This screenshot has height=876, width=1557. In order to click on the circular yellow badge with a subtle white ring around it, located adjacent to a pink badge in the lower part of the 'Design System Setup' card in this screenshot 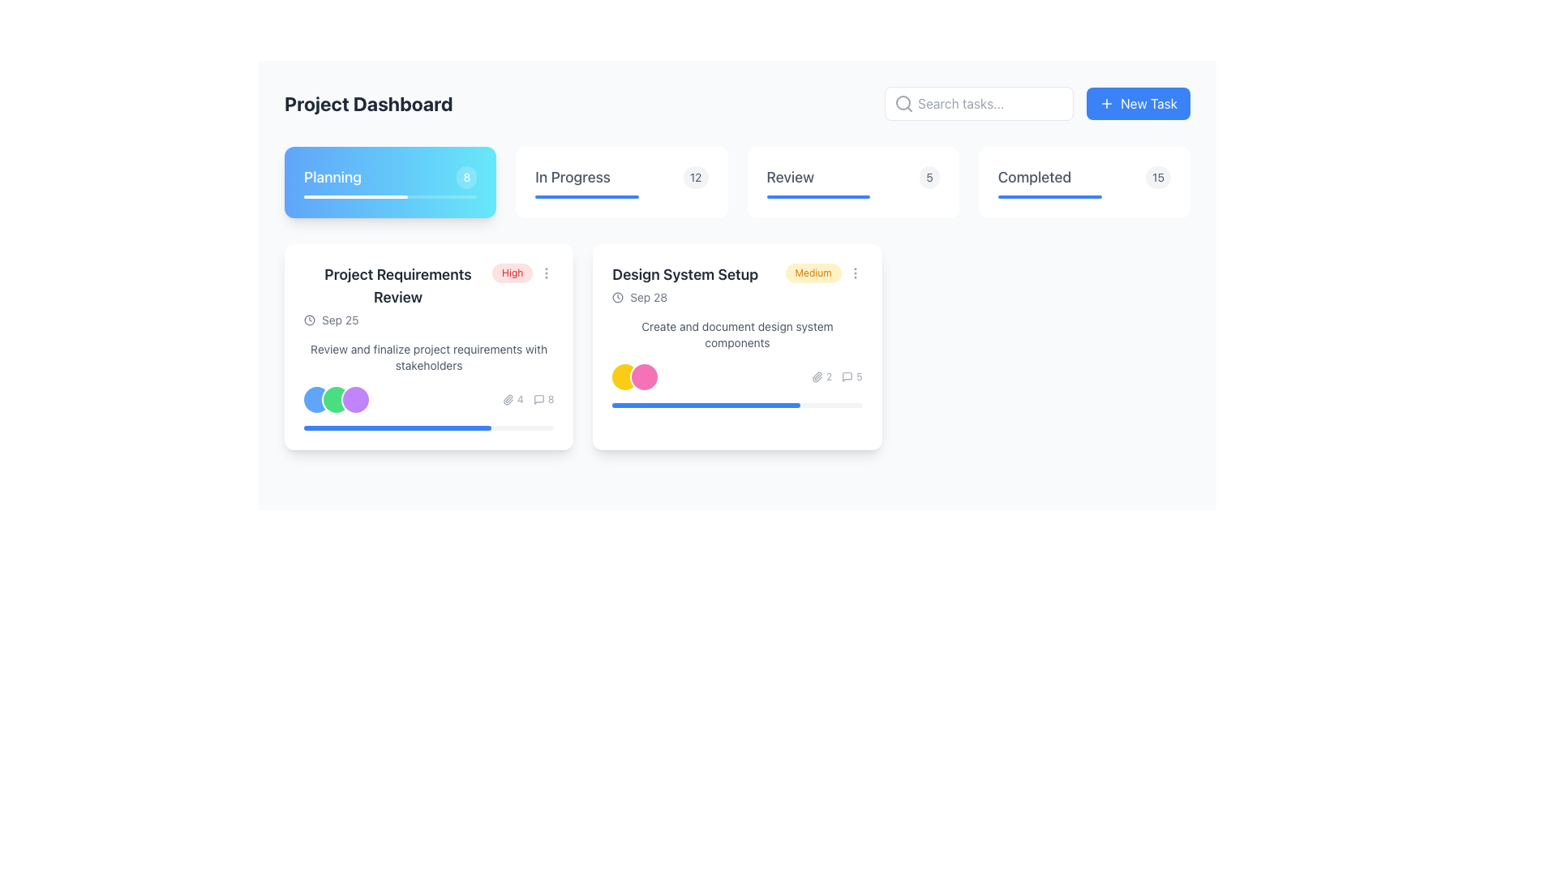, I will do `click(624, 377)`.